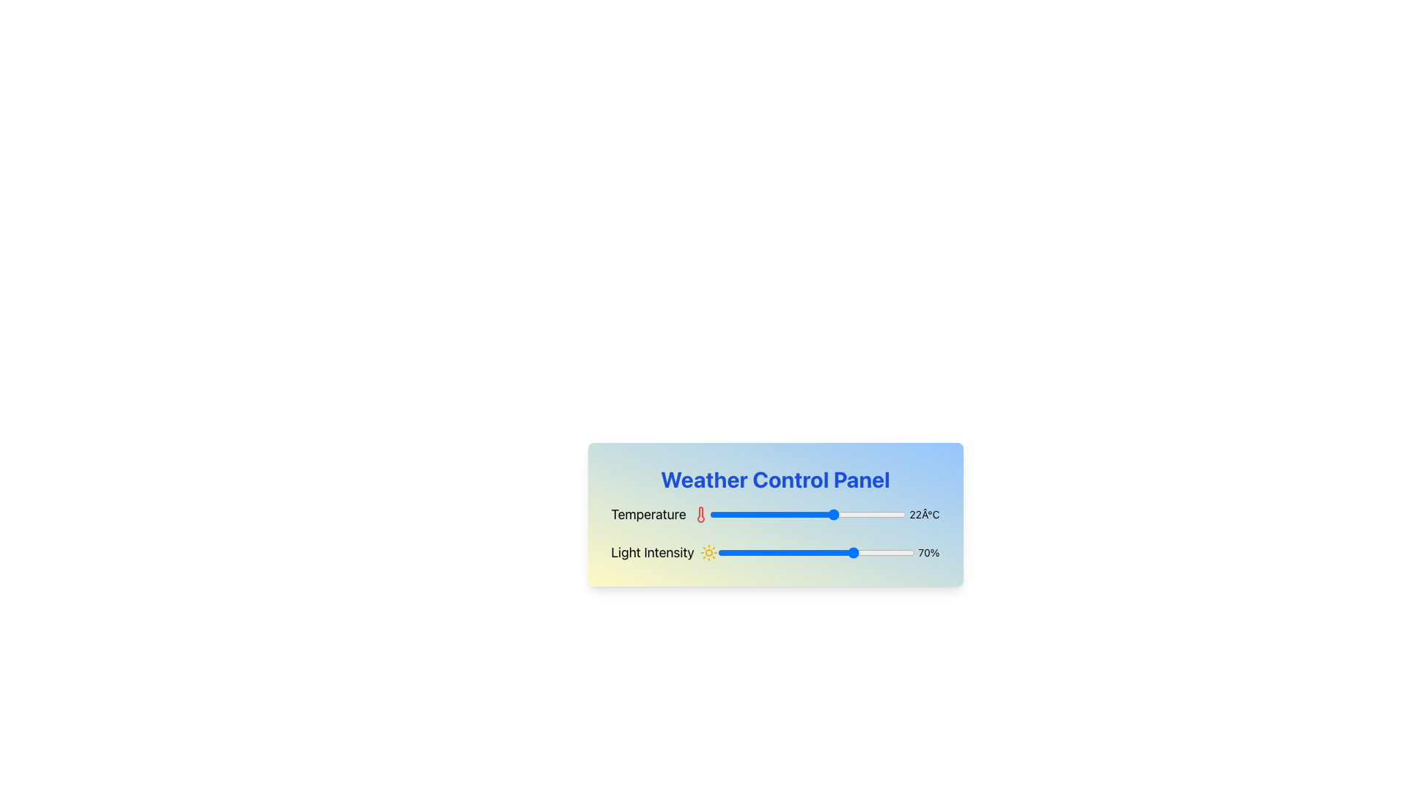 This screenshot has height=792, width=1408. I want to click on light intensity, so click(824, 552).